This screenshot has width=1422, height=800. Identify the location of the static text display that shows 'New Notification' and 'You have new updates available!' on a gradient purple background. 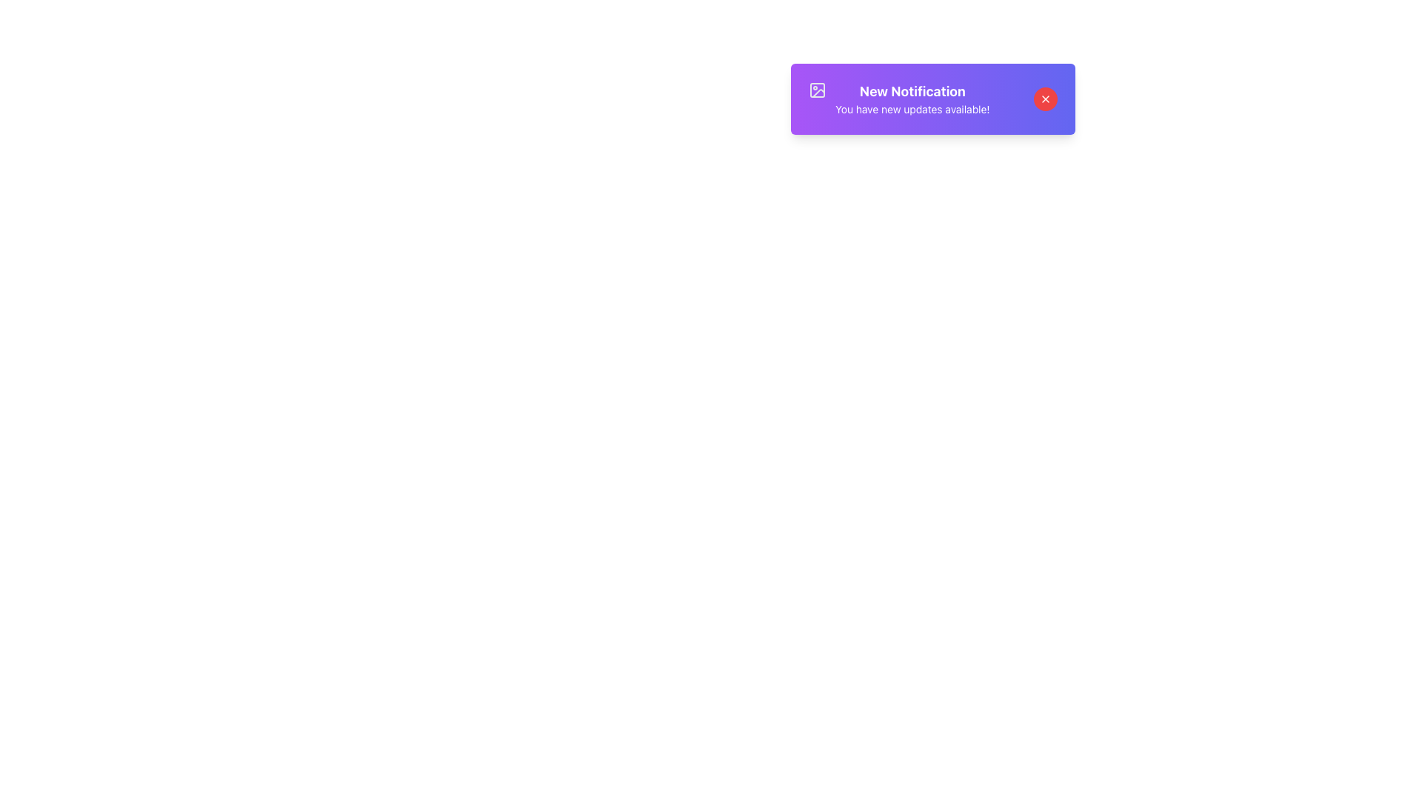
(912, 99).